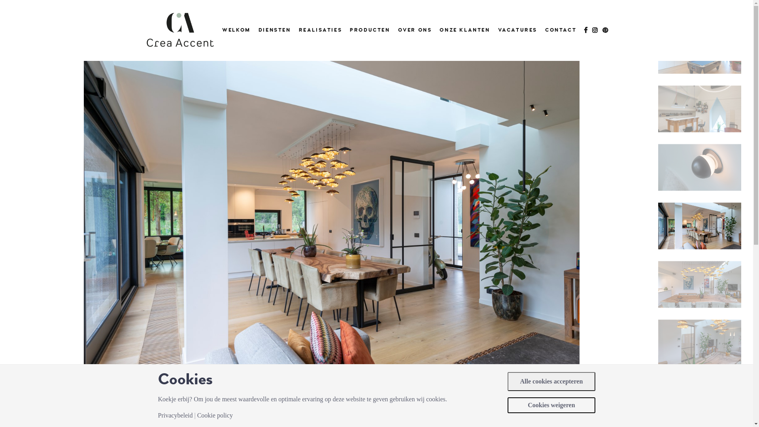 This screenshot has width=759, height=427. What do you see at coordinates (321, 30) in the screenshot?
I see `'REALISATIES'` at bounding box center [321, 30].